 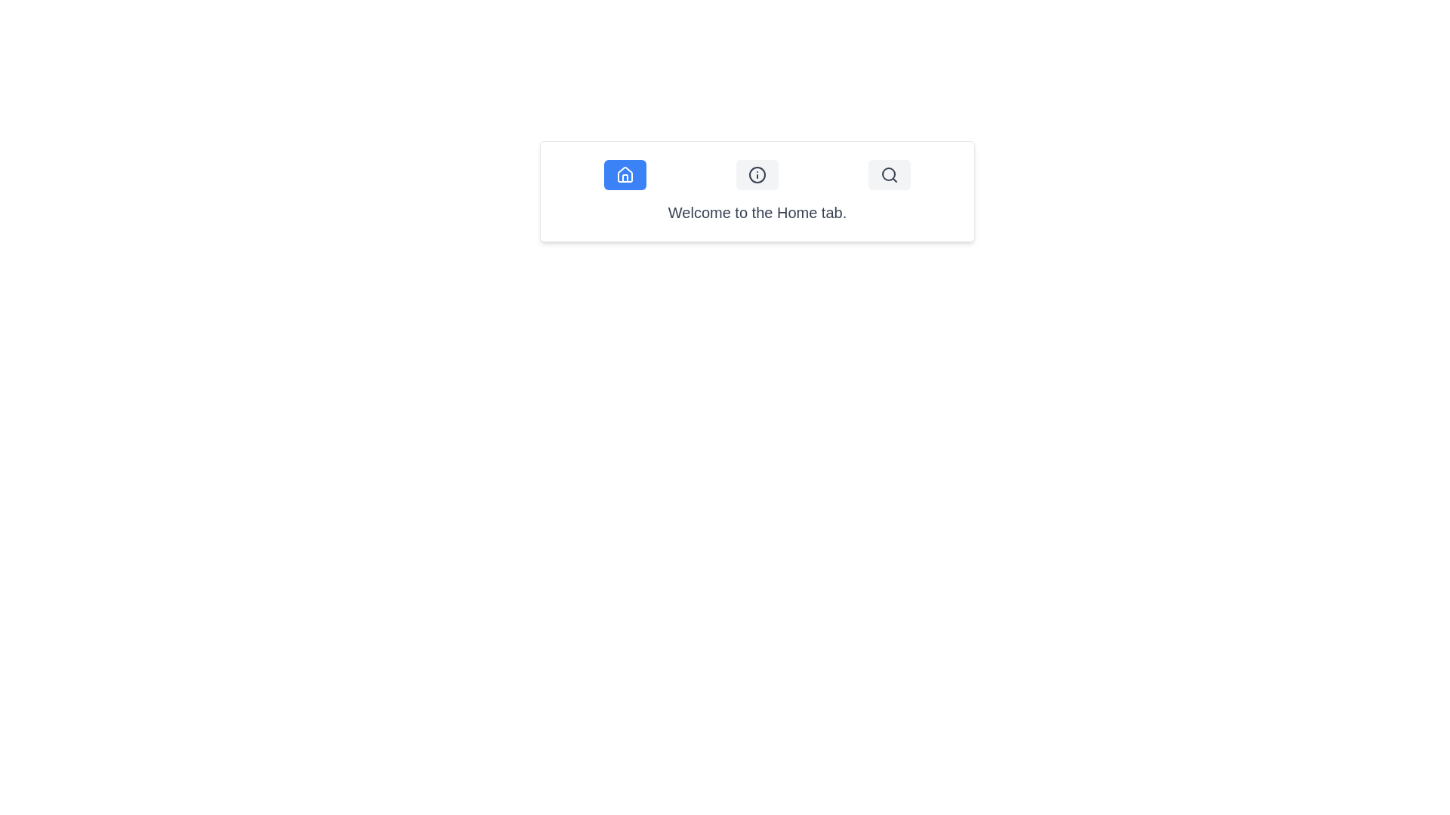 What do you see at coordinates (757, 174) in the screenshot?
I see `the circular outline within the SVG graphic that serves a decorative purpose and contributes to the overall visual representation of an information symbol` at bounding box center [757, 174].